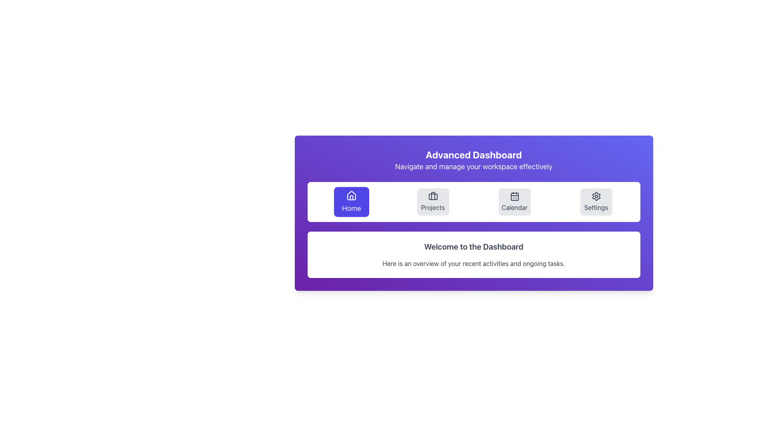  What do you see at coordinates (432, 197) in the screenshot?
I see `SVG Rectangle element that represents the main body of the briefcase icon, located in the middle of the icon` at bounding box center [432, 197].